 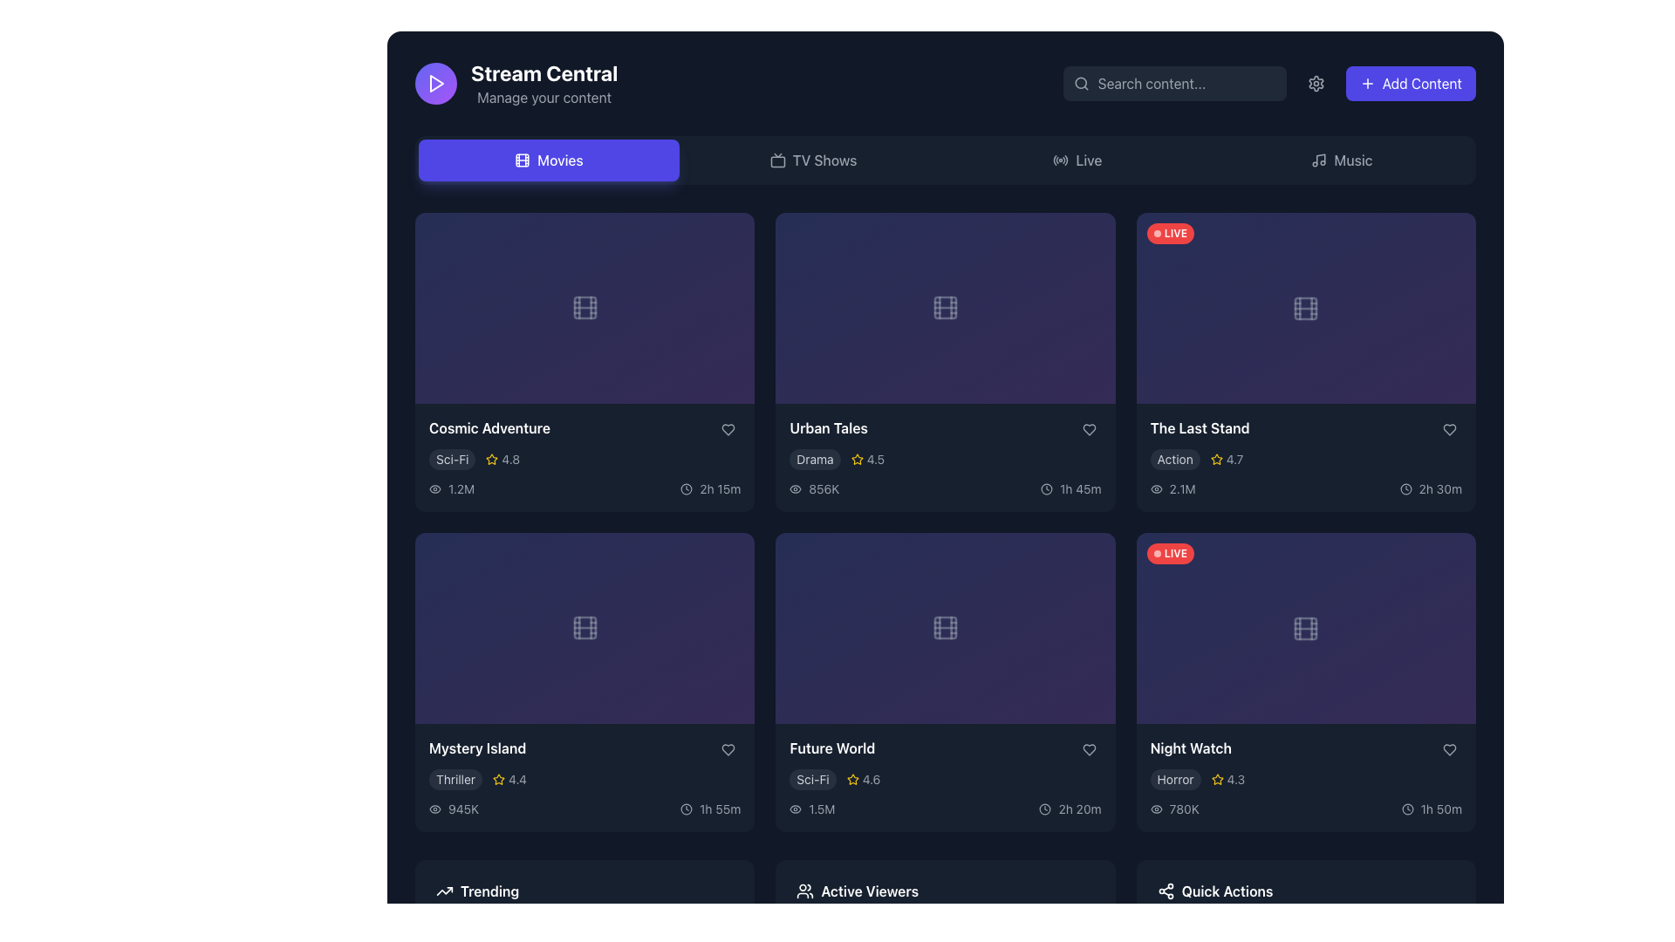 I want to click on the heart-shaped icon button located in the bottom-right corner of the 'Mystery Island' card, so click(x=728, y=749).